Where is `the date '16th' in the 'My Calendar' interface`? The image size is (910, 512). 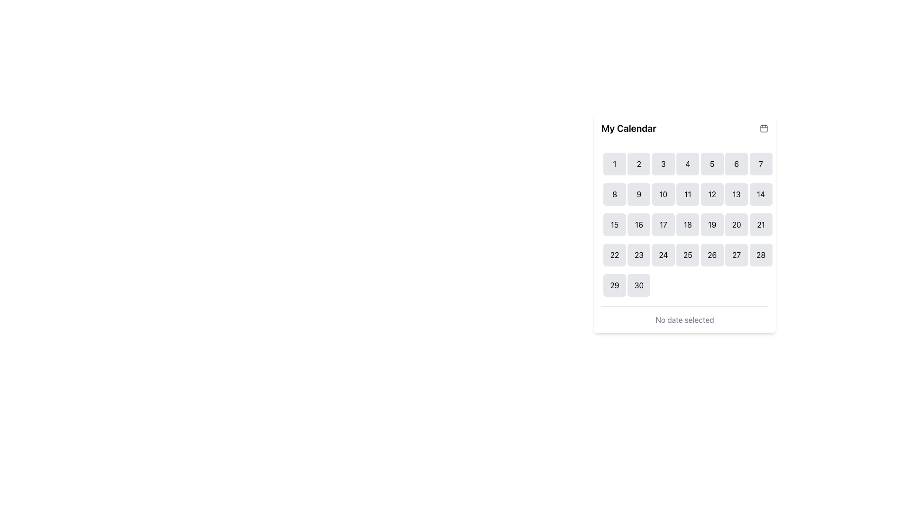 the date '16th' in the 'My Calendar' interface is located at coordinates (639, 225).